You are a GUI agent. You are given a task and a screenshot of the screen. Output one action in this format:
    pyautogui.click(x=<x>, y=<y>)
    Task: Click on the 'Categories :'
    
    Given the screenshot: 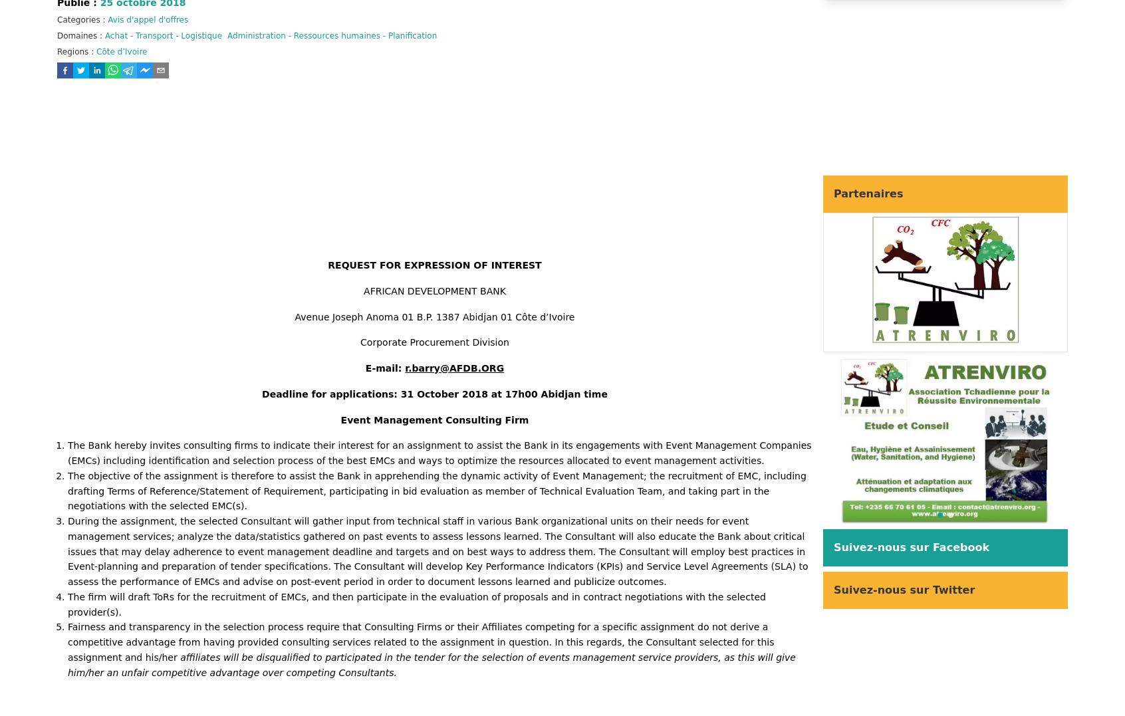 What is the action you would take?
    pyautogui.click(x=82, y=19)
    